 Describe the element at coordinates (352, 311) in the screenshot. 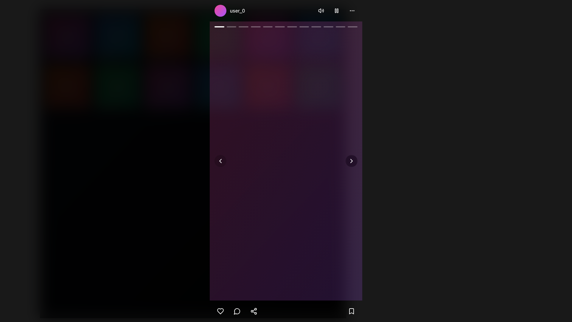

I see `the 'Bookmark' icon located at the bottom-right corner of the interface` at that location.